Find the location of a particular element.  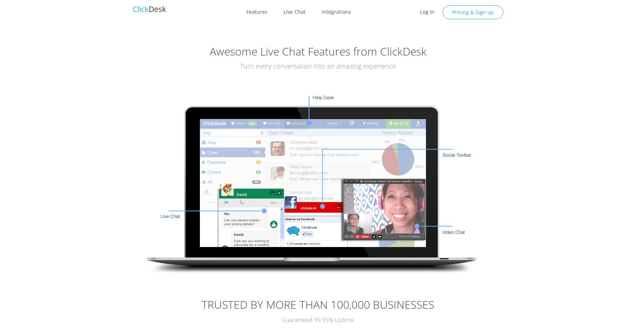

'Pricing & Sign up' is located at coordinates (472, 12).